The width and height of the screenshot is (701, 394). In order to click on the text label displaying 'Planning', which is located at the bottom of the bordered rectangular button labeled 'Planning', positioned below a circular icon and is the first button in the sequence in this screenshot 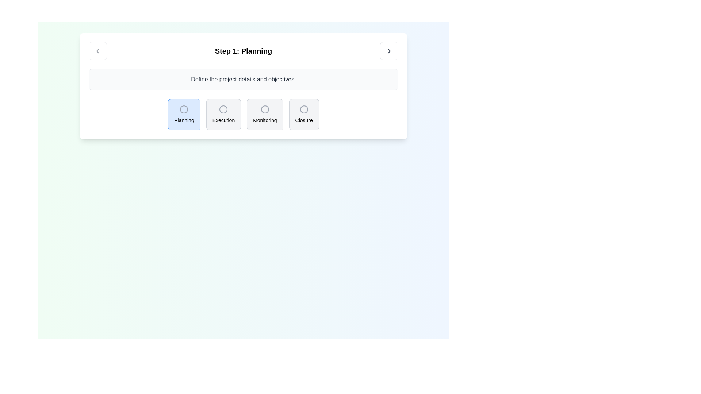, I will do `click(184, 120)`.